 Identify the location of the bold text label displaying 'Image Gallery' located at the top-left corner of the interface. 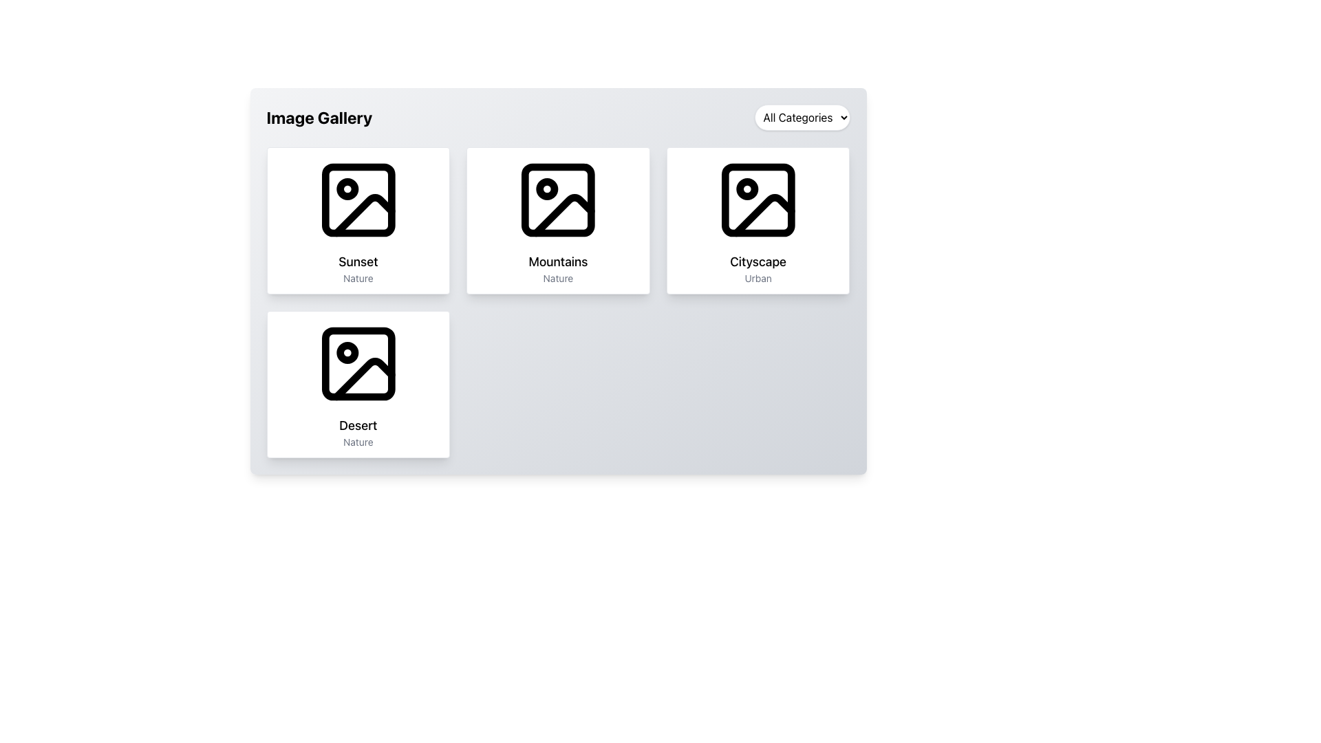
(319, 116).